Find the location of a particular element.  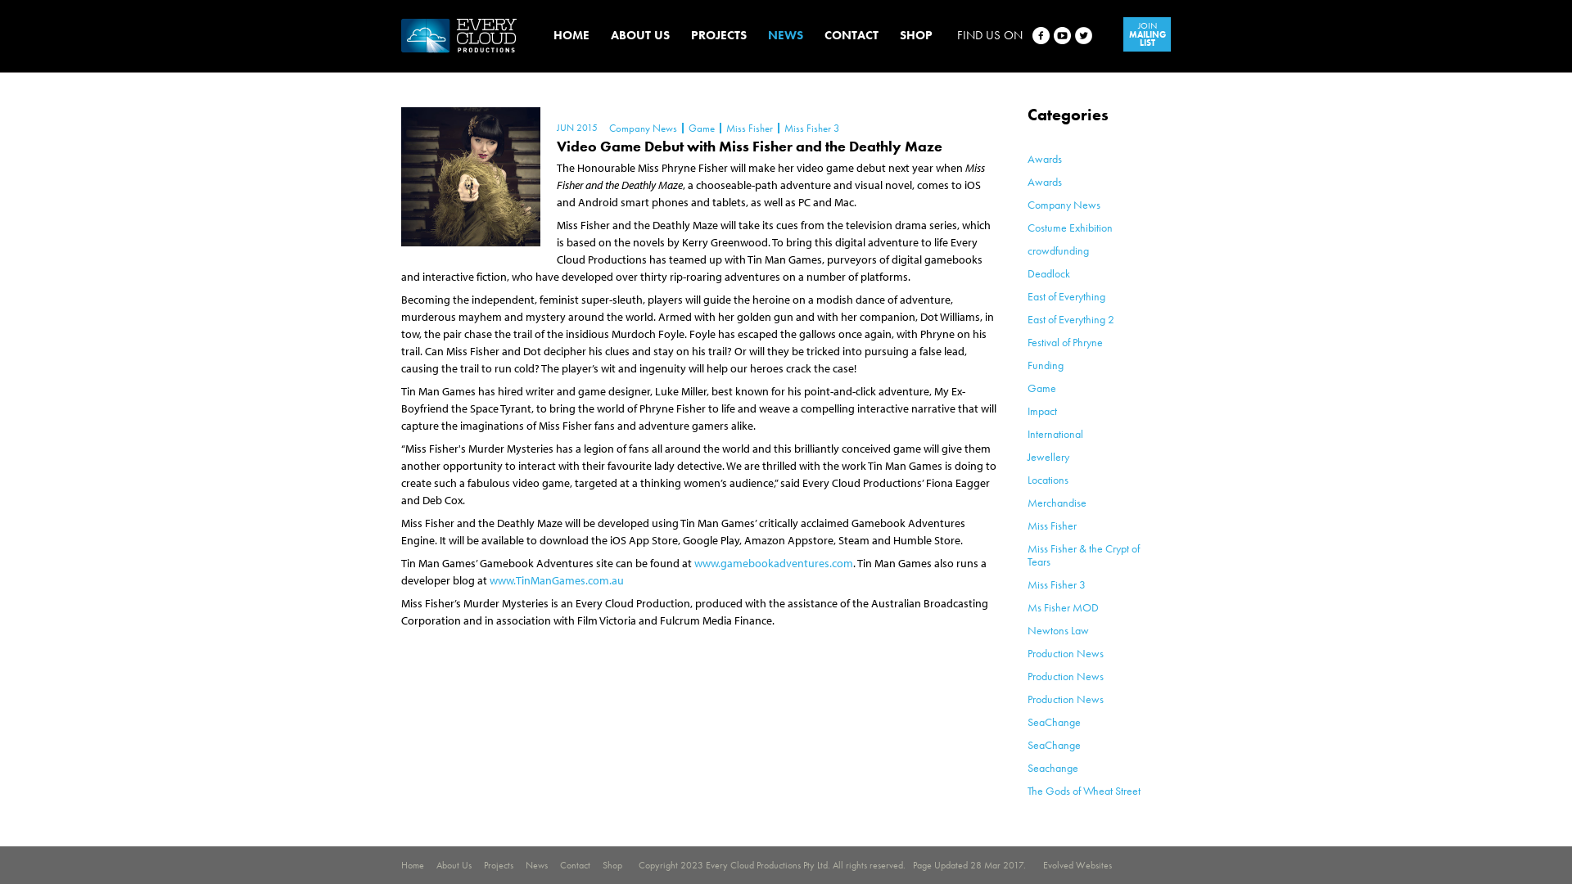

'JOIN is located at coordinates (1146, 34).